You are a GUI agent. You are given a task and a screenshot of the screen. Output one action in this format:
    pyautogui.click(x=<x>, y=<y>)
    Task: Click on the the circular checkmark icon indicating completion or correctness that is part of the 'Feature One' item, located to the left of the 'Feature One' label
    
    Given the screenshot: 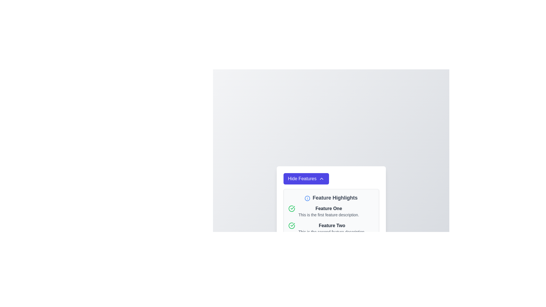 What is the action you would take?
    pyautogui.click(x=291, y=225)
    